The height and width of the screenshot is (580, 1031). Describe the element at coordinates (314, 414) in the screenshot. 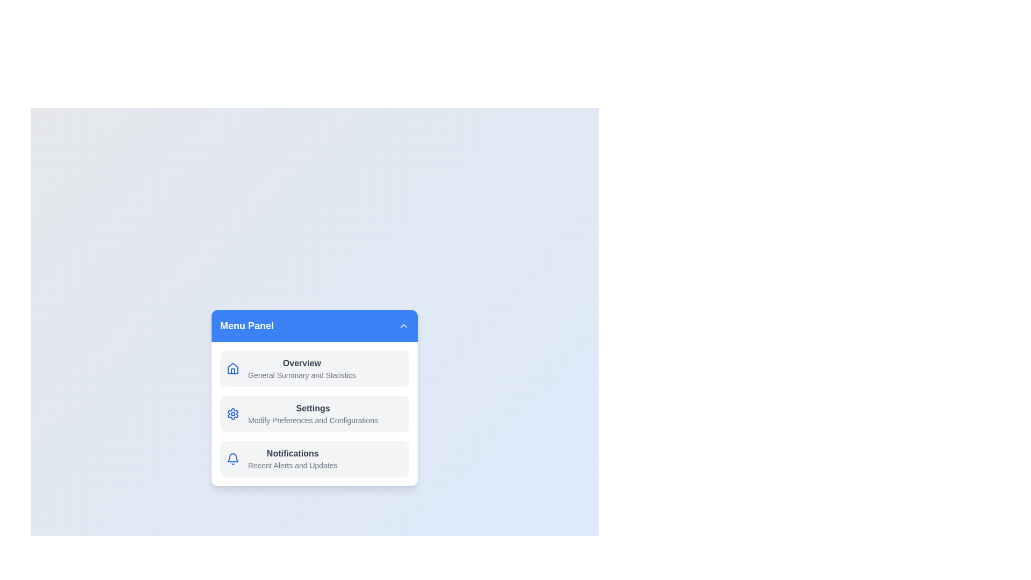

I see `the 'Settings' menu item in the InteractiveDashboardMenu` at that location.